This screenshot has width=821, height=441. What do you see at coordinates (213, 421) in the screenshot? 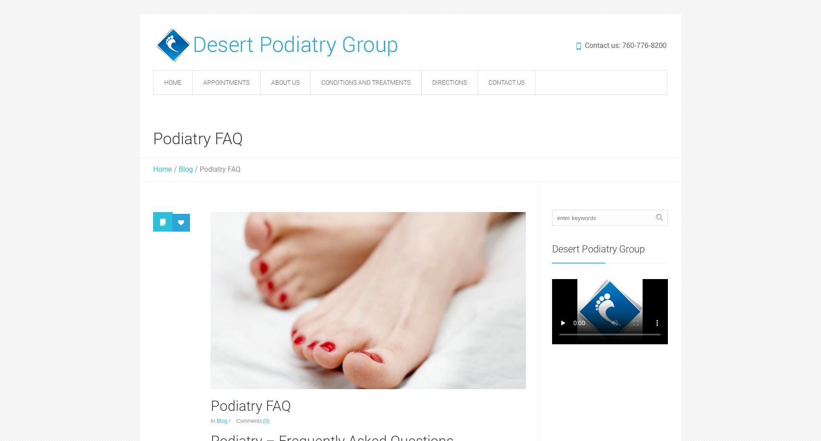
I see `'In'` at bounding box center [213, 421].